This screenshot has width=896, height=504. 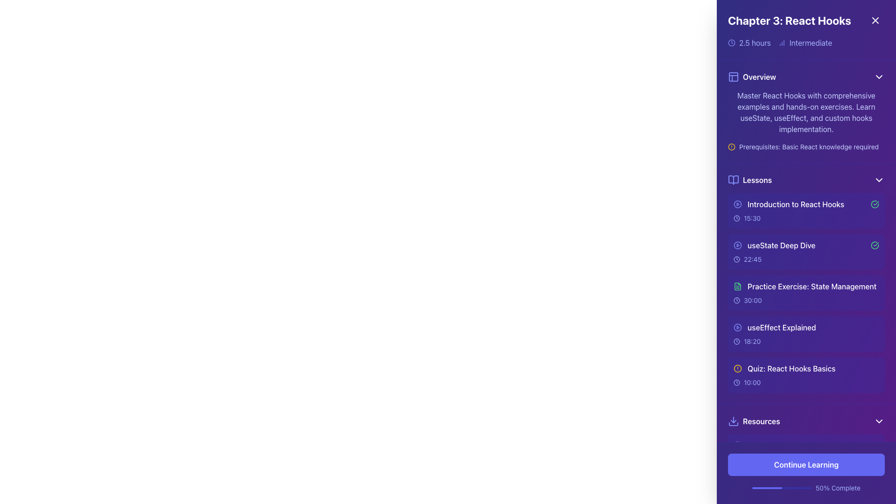 What do you see at coordinates (737, 327) in the screenshot?
I see `the hollow circular Iconic component within the SVG graphic associated with the 'useEffect Explained' lesson, located in the fourth item of the sidebar` at bounding box center [737, 327].